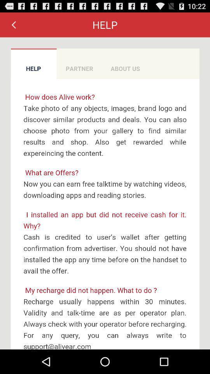  I want to click on go back, so click(14, 25).